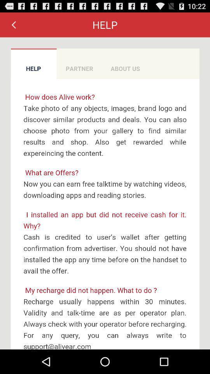  I want to click on go back, so click(14, 25).